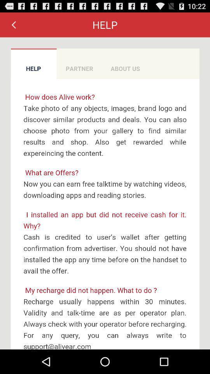  I want to click on go back, so click(14, 25).